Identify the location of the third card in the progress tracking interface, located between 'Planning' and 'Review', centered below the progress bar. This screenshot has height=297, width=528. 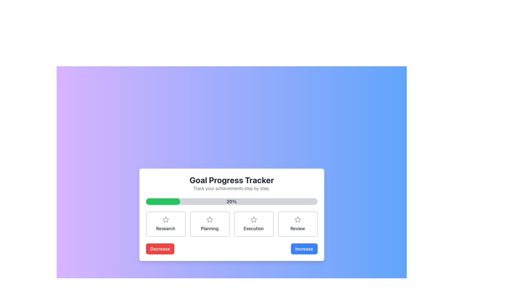
(253, 224).